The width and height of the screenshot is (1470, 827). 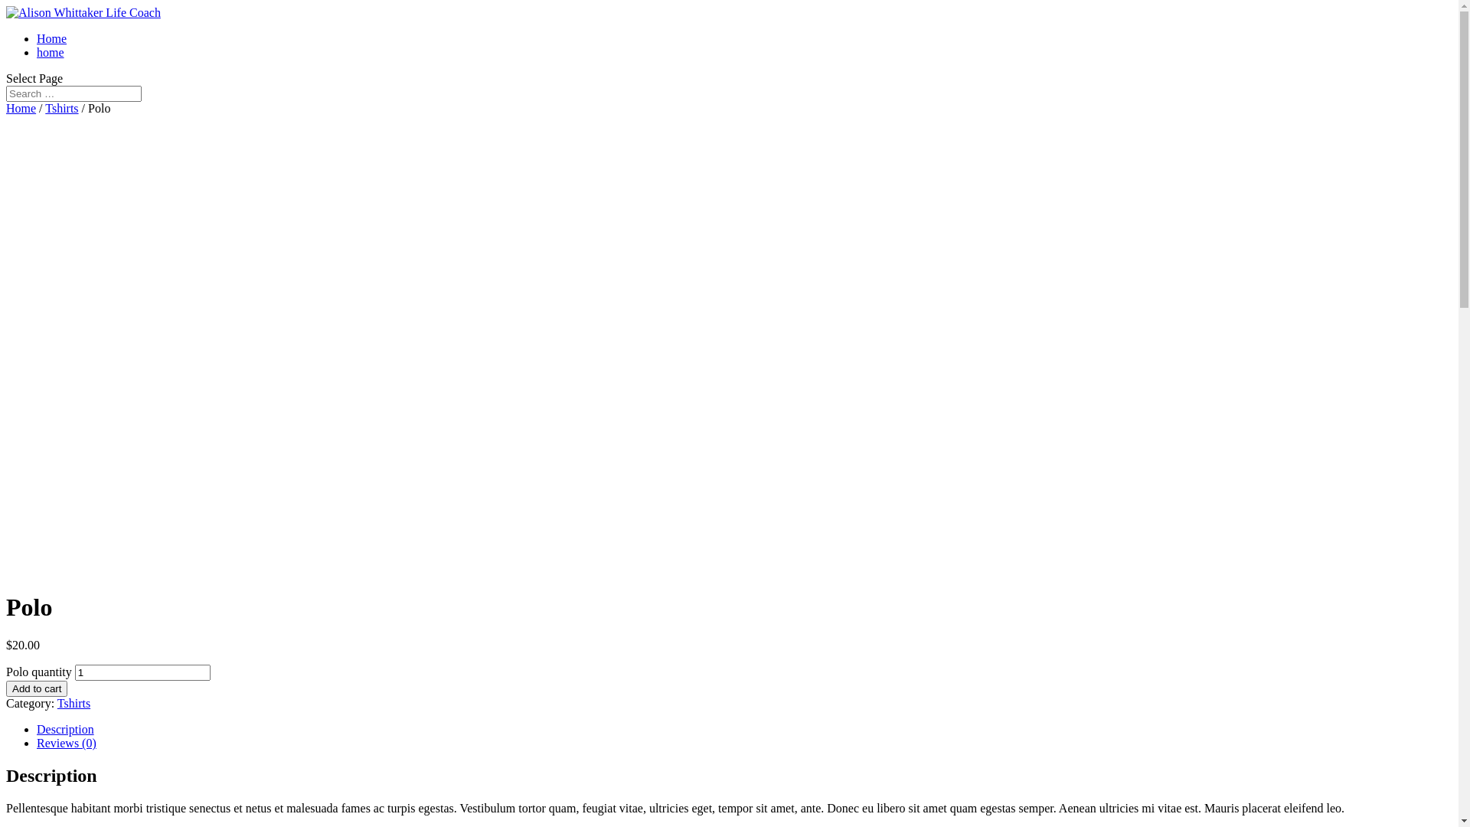 What do you see at coordinates (44, 107) in the screenshot?
I see `'Tshirts'` at bounding box center [44, 107].